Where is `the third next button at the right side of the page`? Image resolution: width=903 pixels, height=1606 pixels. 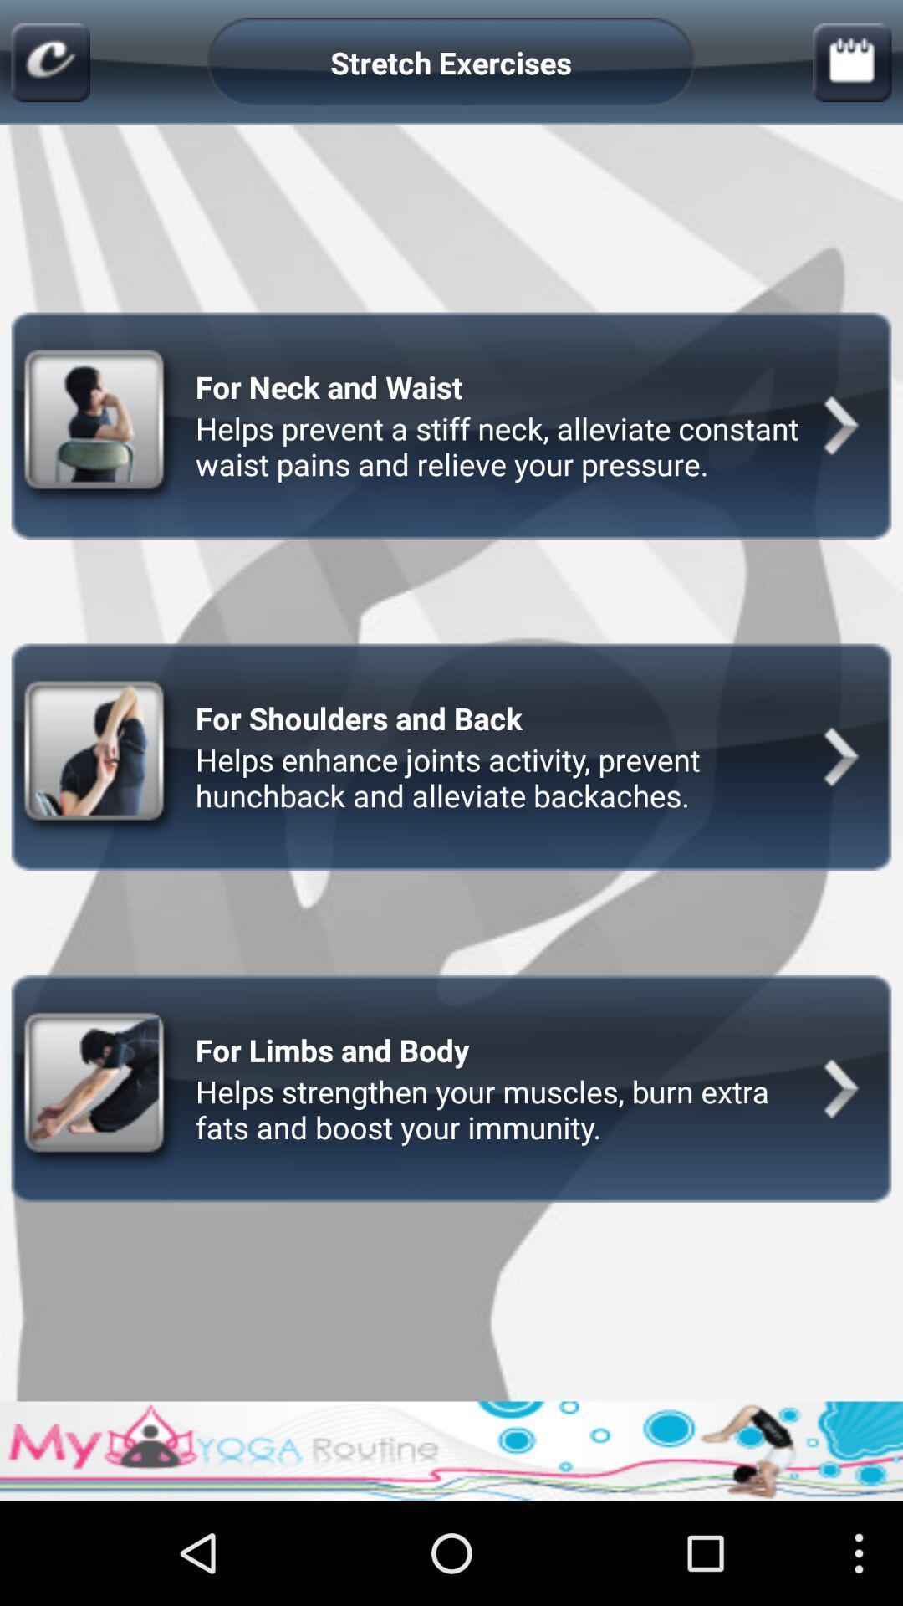
the third next button at the right side of the page is located at coordinates (841, 1088).